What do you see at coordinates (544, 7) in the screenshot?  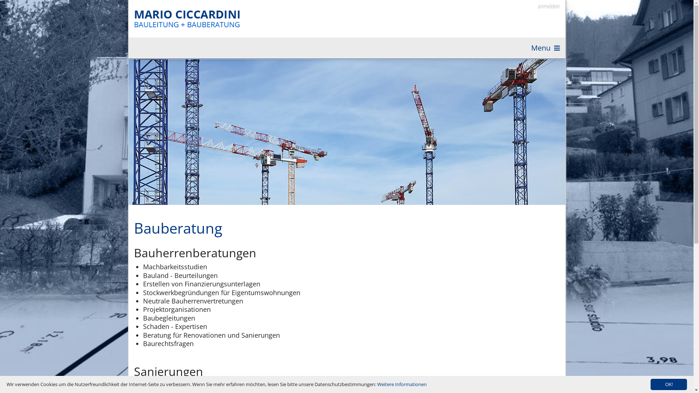 I see `'anmelden'` at bounding box center [544, 7].